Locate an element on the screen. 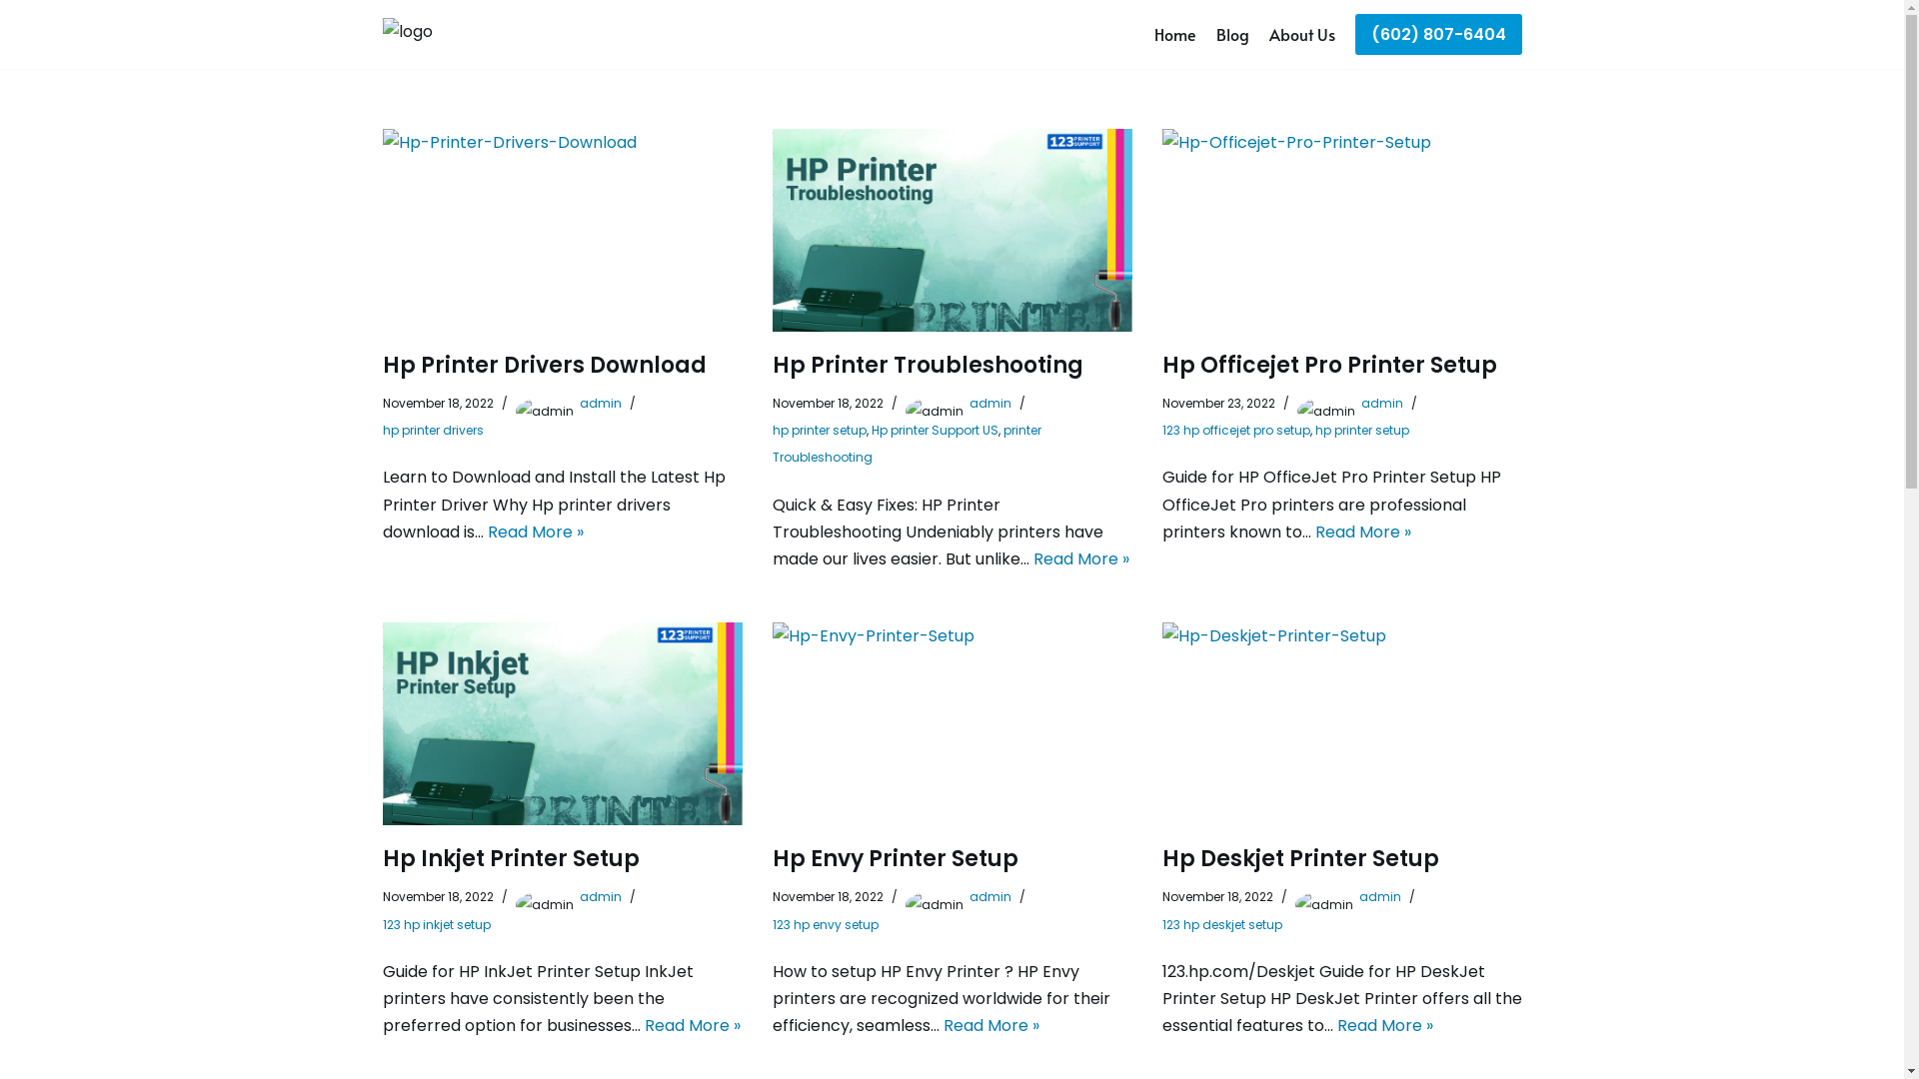  'Hp Officejet Pro Printer Setup' is located at coordinates (1328, 365).